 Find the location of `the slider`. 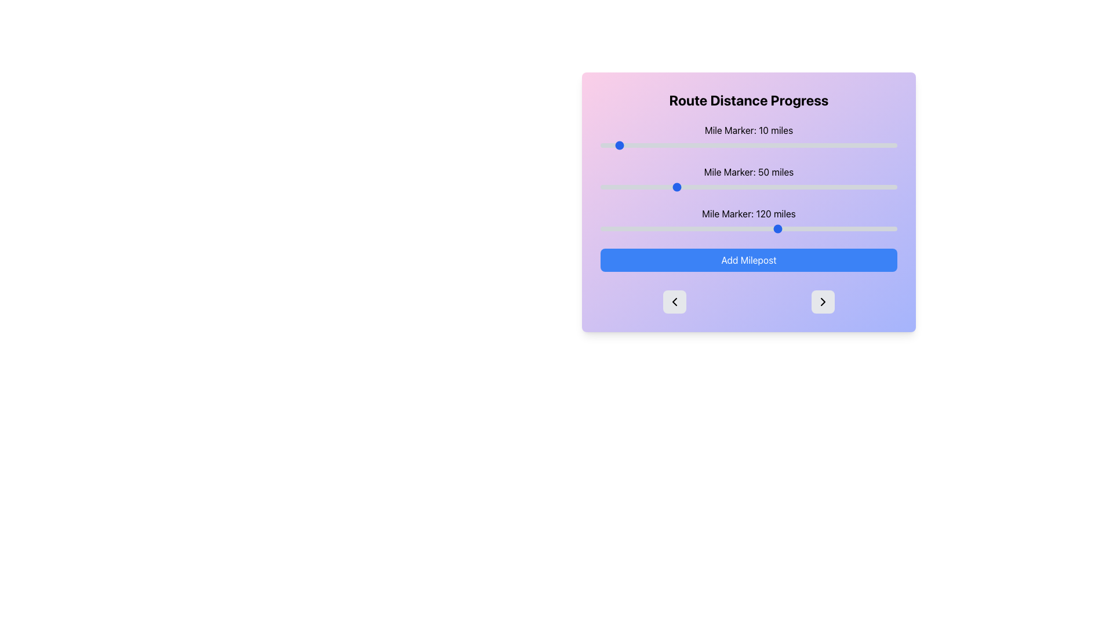

the slider is located at coordinates (845, 144).